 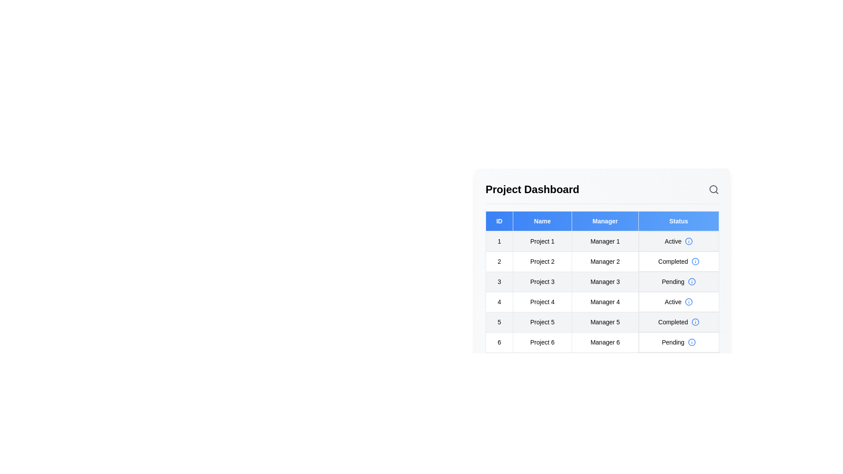 What do you see at coordinates (714, 189) in the screenshot?
I see `the search icon to initiate a search` at bounding box center [714, 189].